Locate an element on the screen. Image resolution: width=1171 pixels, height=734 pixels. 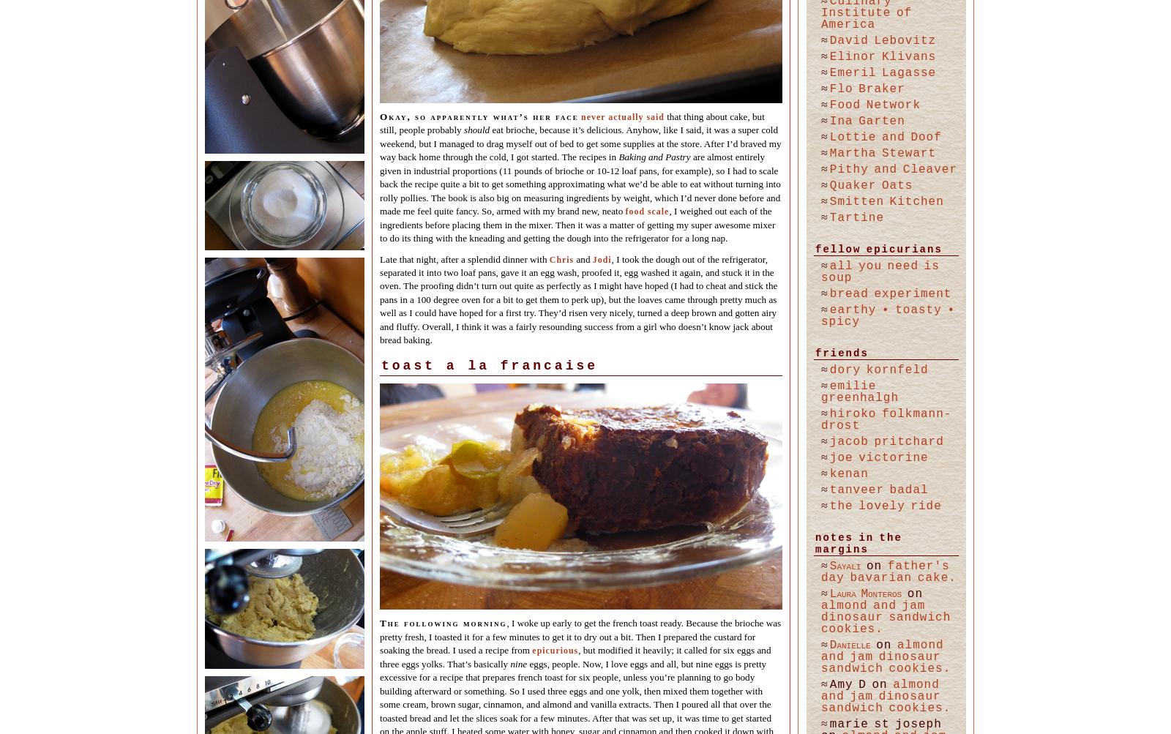
'Okay, so apparently what’s her face' is located at coordinates (379, 115).